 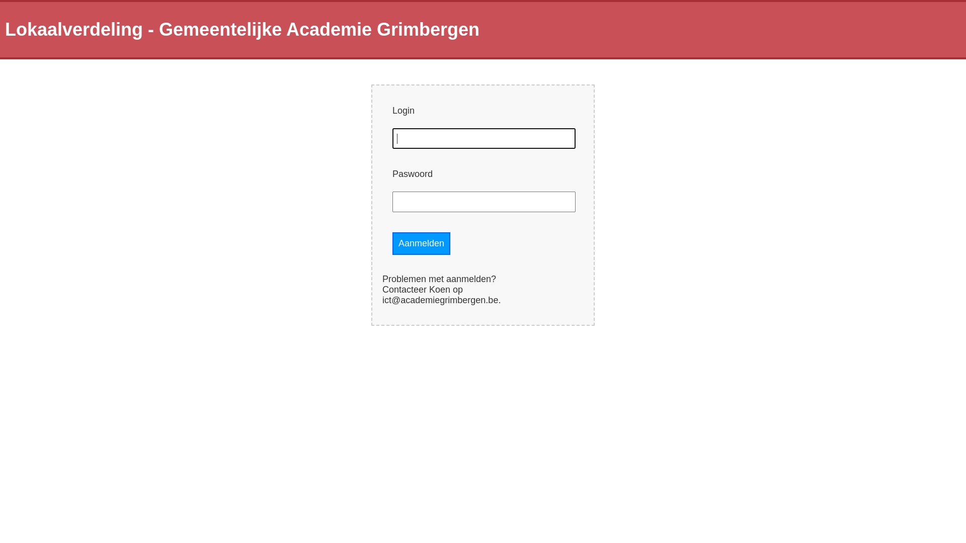 I want to click on 'Aanmelden', so click(x=421, y=243).